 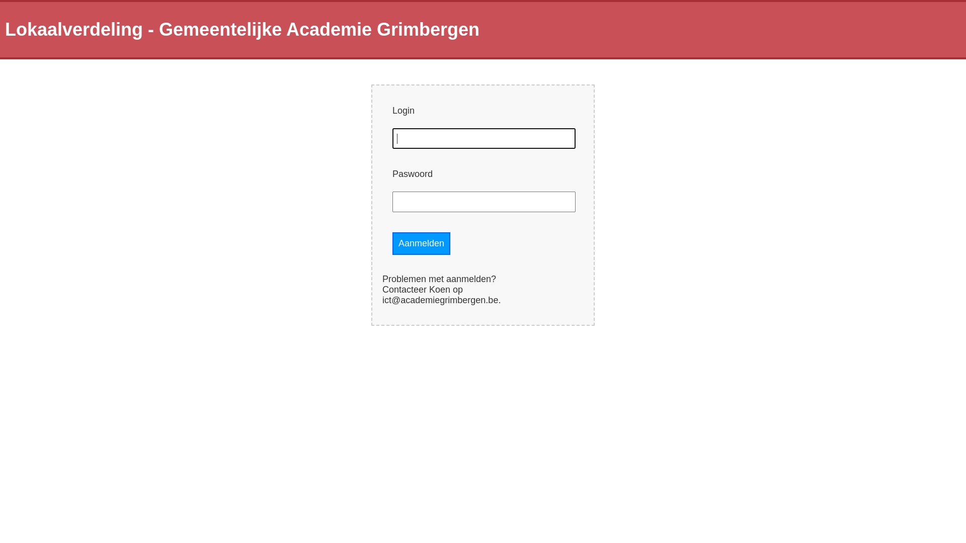 I want to click on 'Aanmelden', so click(x=421, y=243).